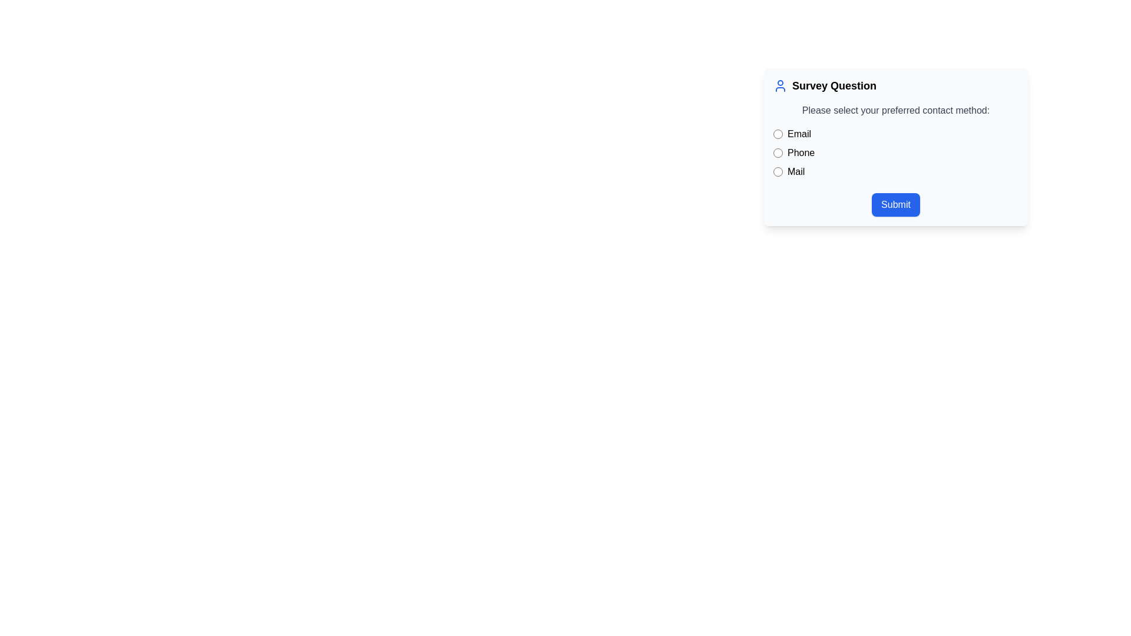 This screenshot has width=1131, height=636. What do you see at coordinates (778, 172) in the screenshot?
I see `the circular radio button labeled 'Mail'` at bounding box center [778, 172].